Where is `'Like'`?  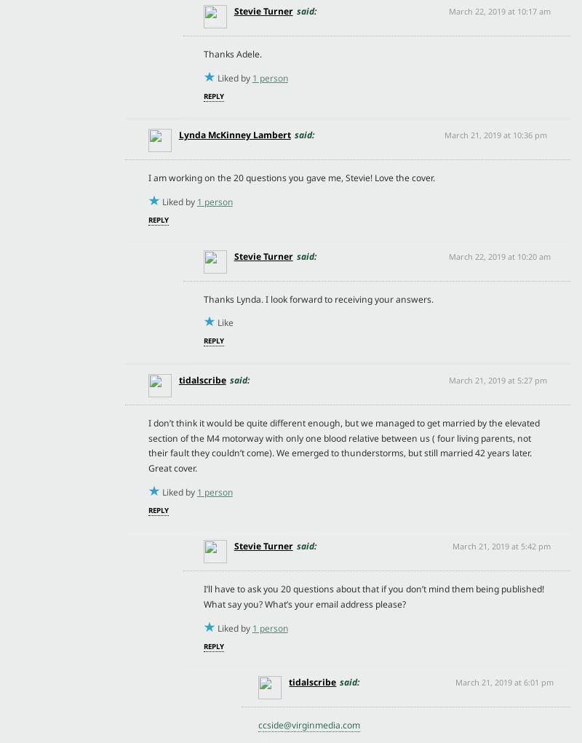 'Like' is located at coordinates (223, 322).